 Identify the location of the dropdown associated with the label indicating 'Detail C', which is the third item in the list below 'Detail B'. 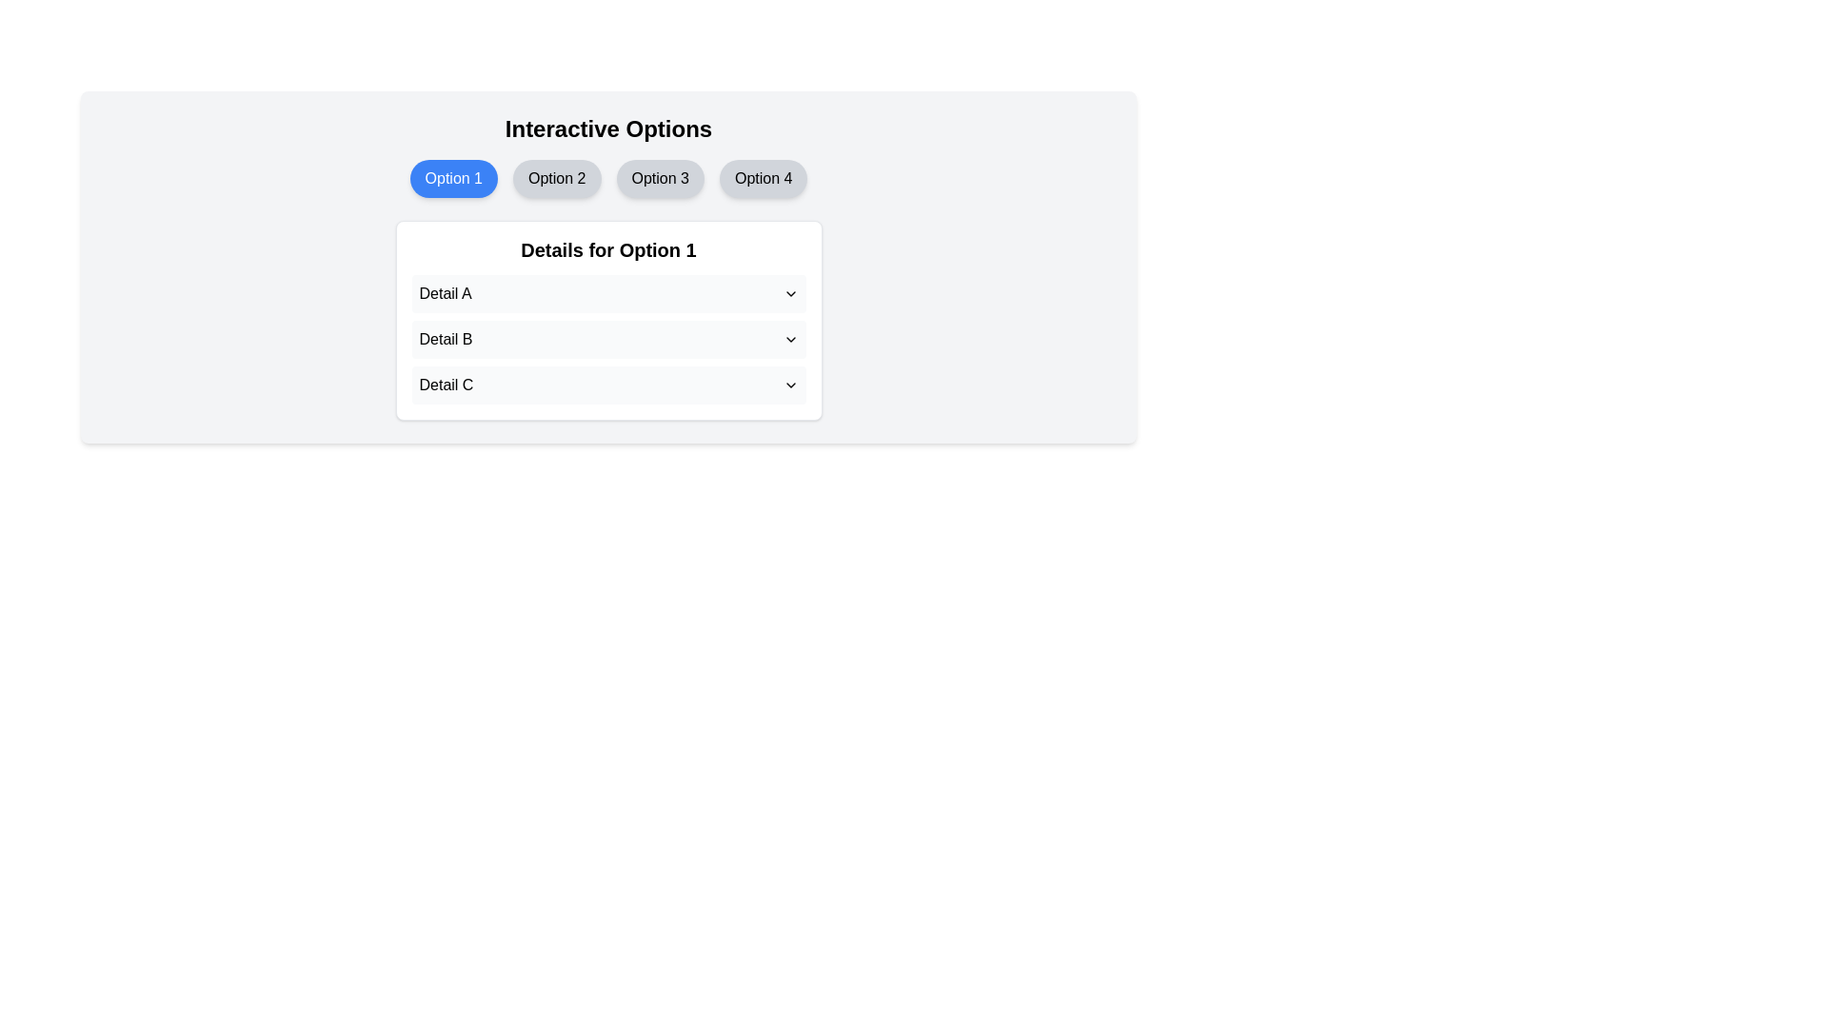
(444, 385).